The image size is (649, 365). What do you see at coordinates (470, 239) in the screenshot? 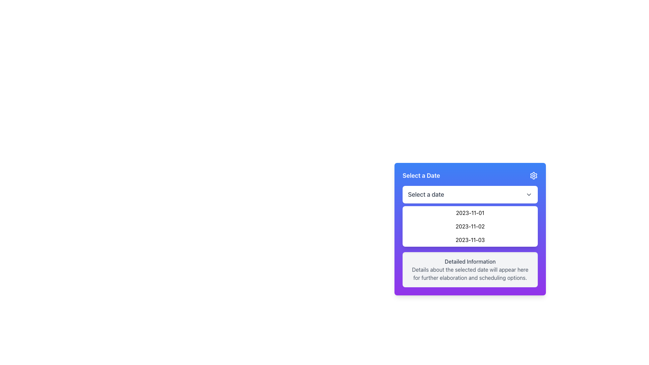
I see `the third selectable date item in the dropdown menu` at bounding box center [470, 239].